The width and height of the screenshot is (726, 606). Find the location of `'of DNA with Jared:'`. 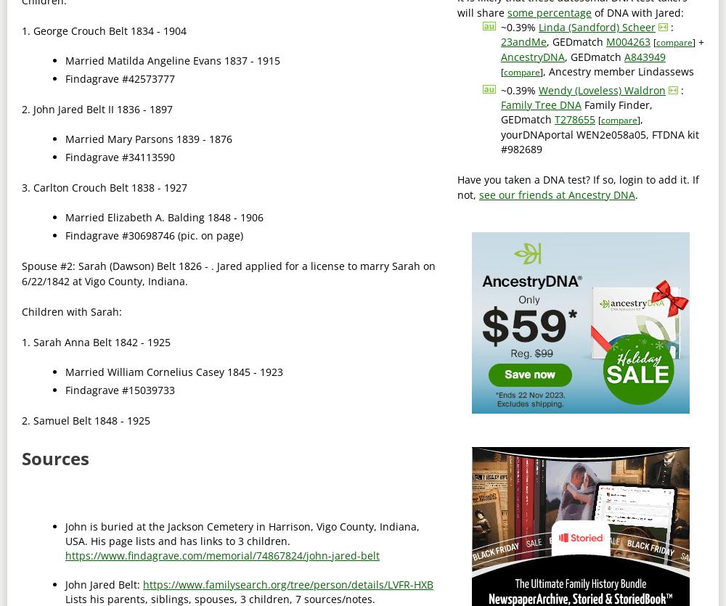

'of DNA with Jared:' is located at coordinates (637, 12).